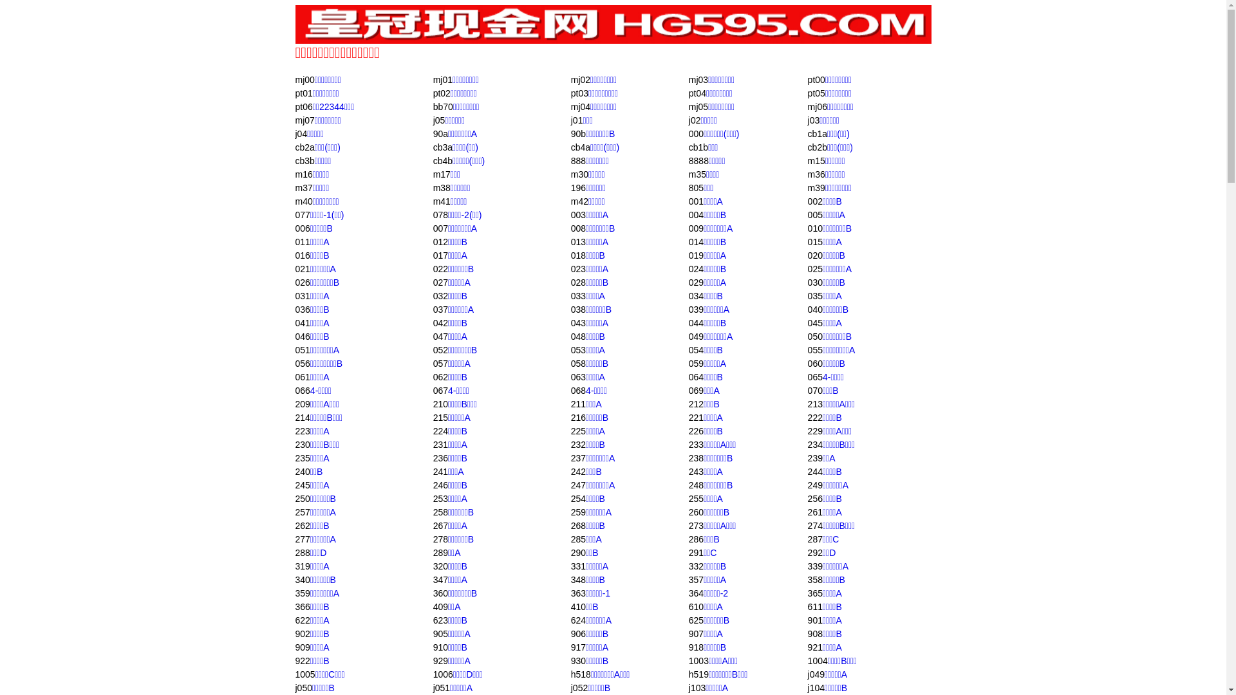 Image resolution: width=1236 pixels, height=695 pixels. What do you see at coordinates (816, 93) in the screenshot?
I see `'pt05'` at bounding box center [816, 93].